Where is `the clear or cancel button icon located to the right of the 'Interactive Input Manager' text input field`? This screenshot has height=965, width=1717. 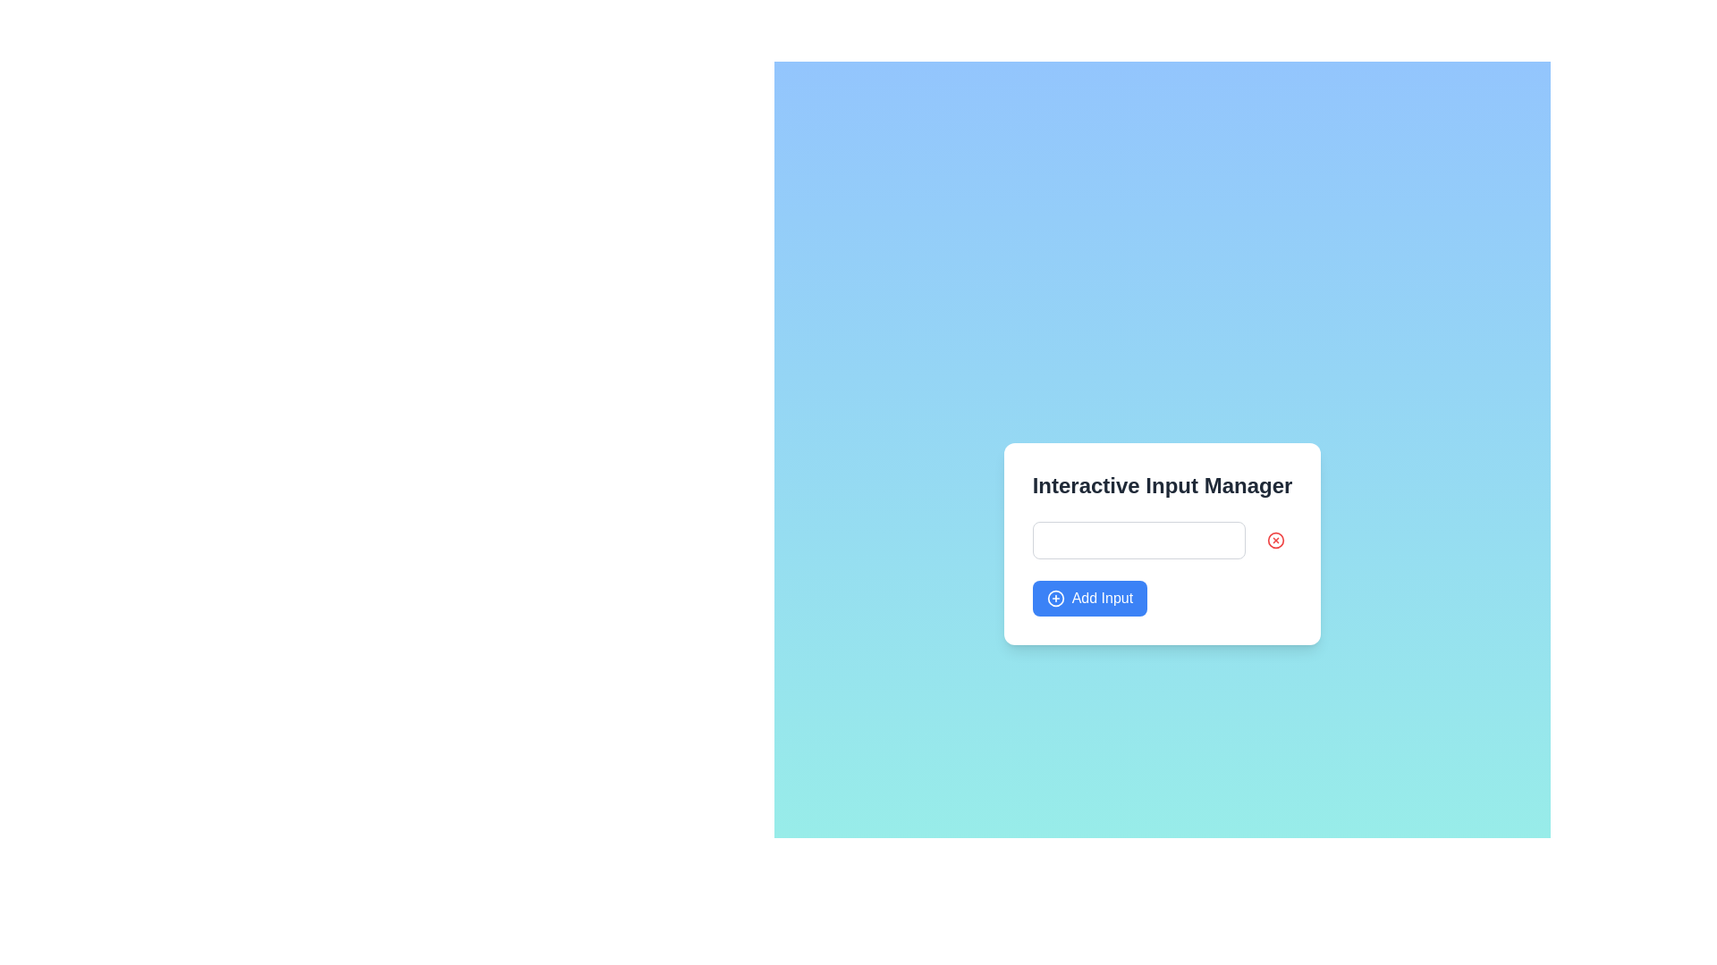
the clear or cancel button icon located to the right of the 'Interactive Input Manager' text input field is located at coordinates (1275, 540).